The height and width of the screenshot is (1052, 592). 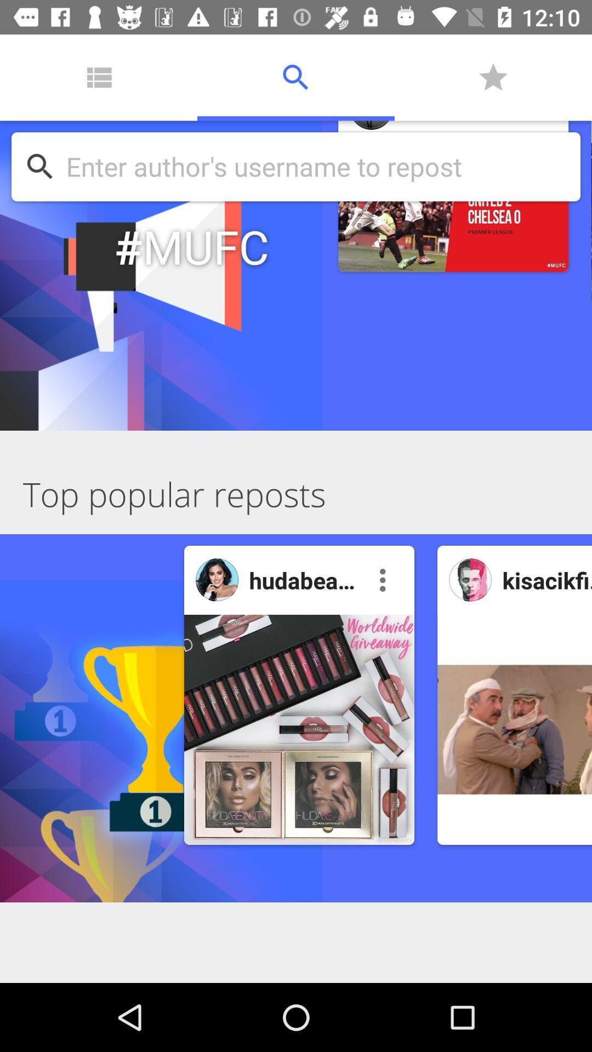 I want to click on profile picture, so click(x=470, y=579).